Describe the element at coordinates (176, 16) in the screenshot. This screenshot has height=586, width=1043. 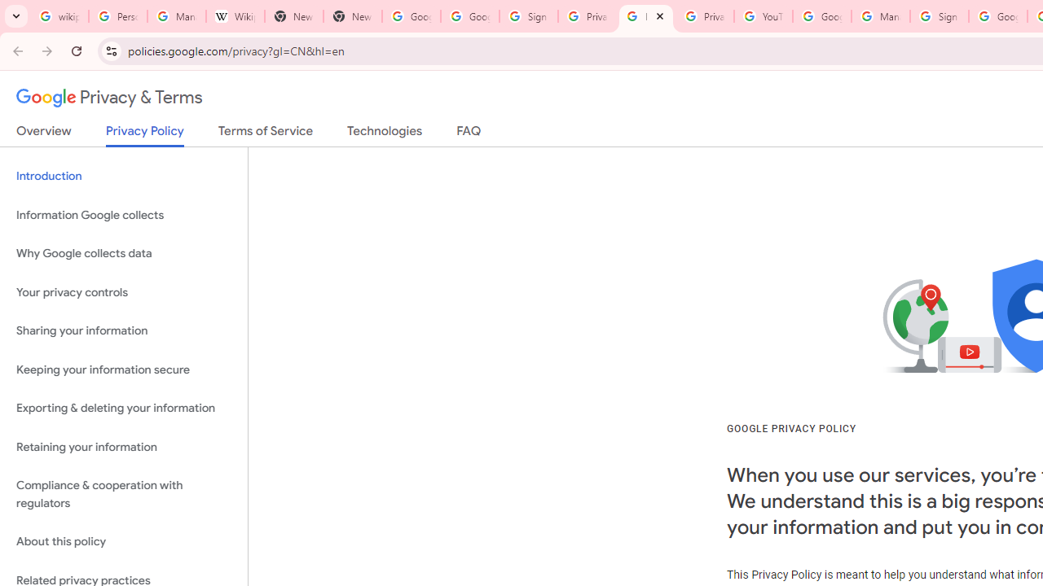
I see `'Manage your Location History - Google Search Help'` at that location.